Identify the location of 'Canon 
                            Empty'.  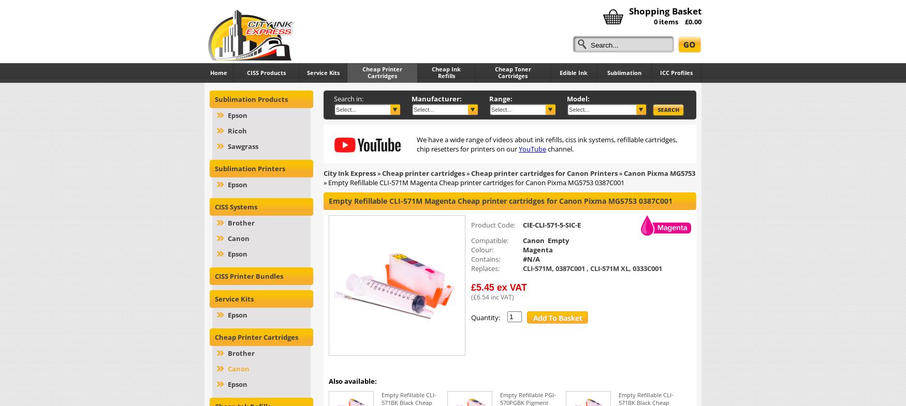
(545, 240).